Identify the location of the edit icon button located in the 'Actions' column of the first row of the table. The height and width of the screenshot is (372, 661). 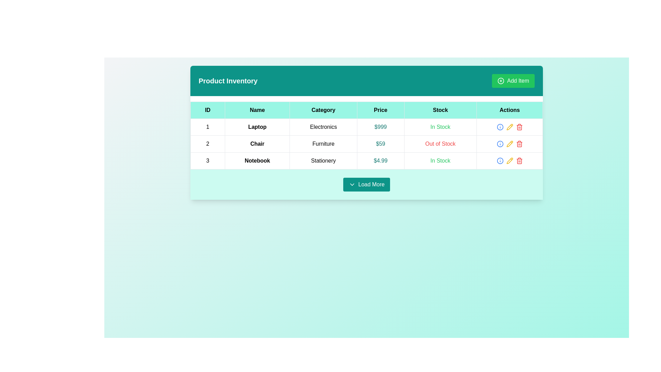
(510, 127).